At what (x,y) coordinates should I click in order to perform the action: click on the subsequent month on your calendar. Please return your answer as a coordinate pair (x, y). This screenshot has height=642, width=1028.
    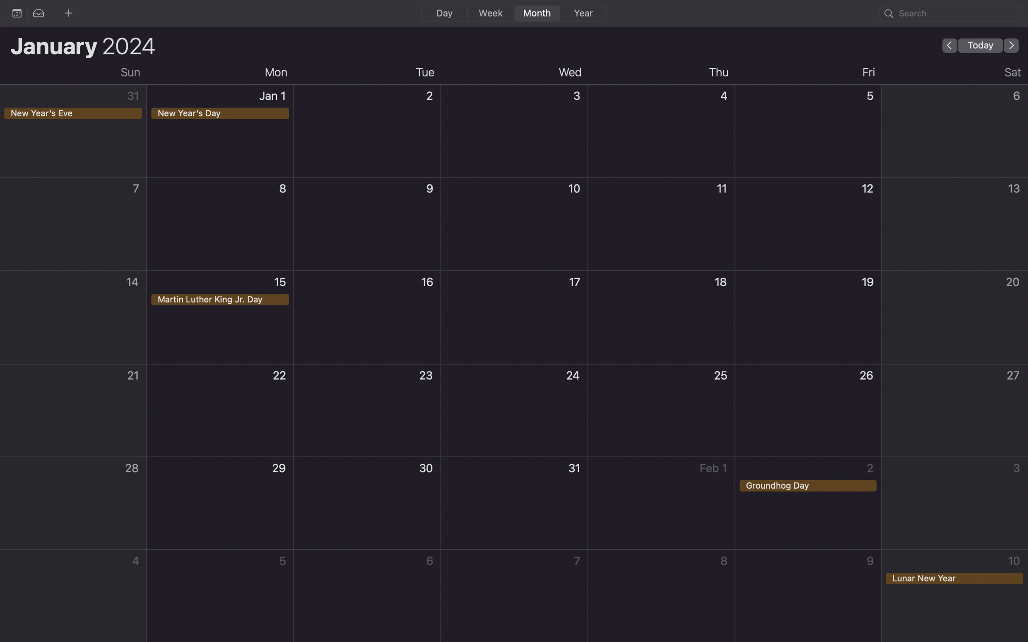
    Looking at the image, I should click on (1011, 45).